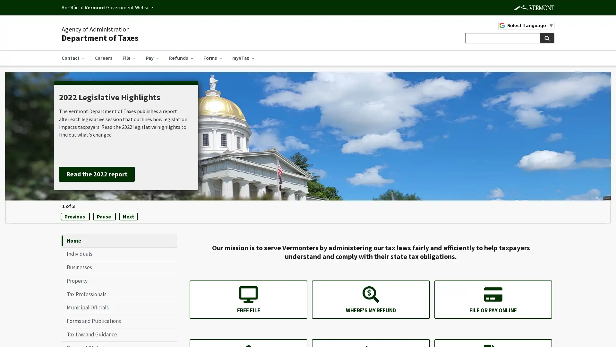 Image resolution: width=616 pixels, height=347 pixels. What do you see at coordinates (243, 58) in the screenshot?
I see `myVTax` at bounding box center [243, 58].